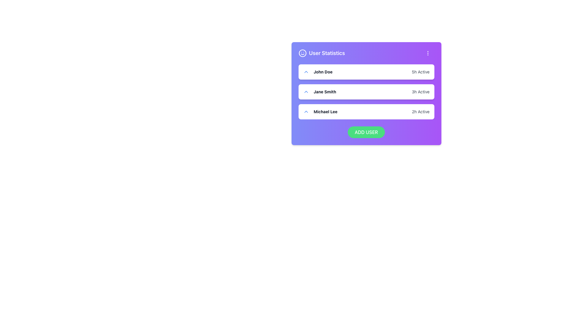 This screenshot has width=562, height=316. Describe the element at coordinates (319, 92) in the screenshot. I see `the text label displaying 'Jane Smith'` at that location.